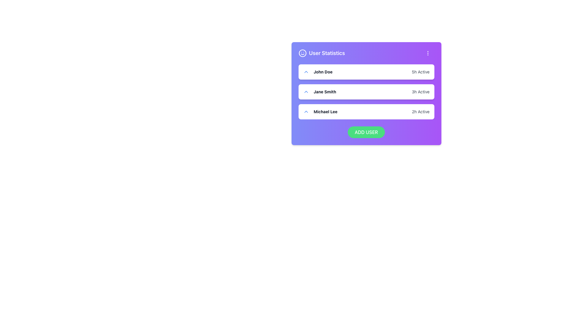 This screenshot has width=562, height=316. Describe the element at coordinates (319, 92) in the screenshot. I see `the text label displaying 'Jane Smith'` at that location.